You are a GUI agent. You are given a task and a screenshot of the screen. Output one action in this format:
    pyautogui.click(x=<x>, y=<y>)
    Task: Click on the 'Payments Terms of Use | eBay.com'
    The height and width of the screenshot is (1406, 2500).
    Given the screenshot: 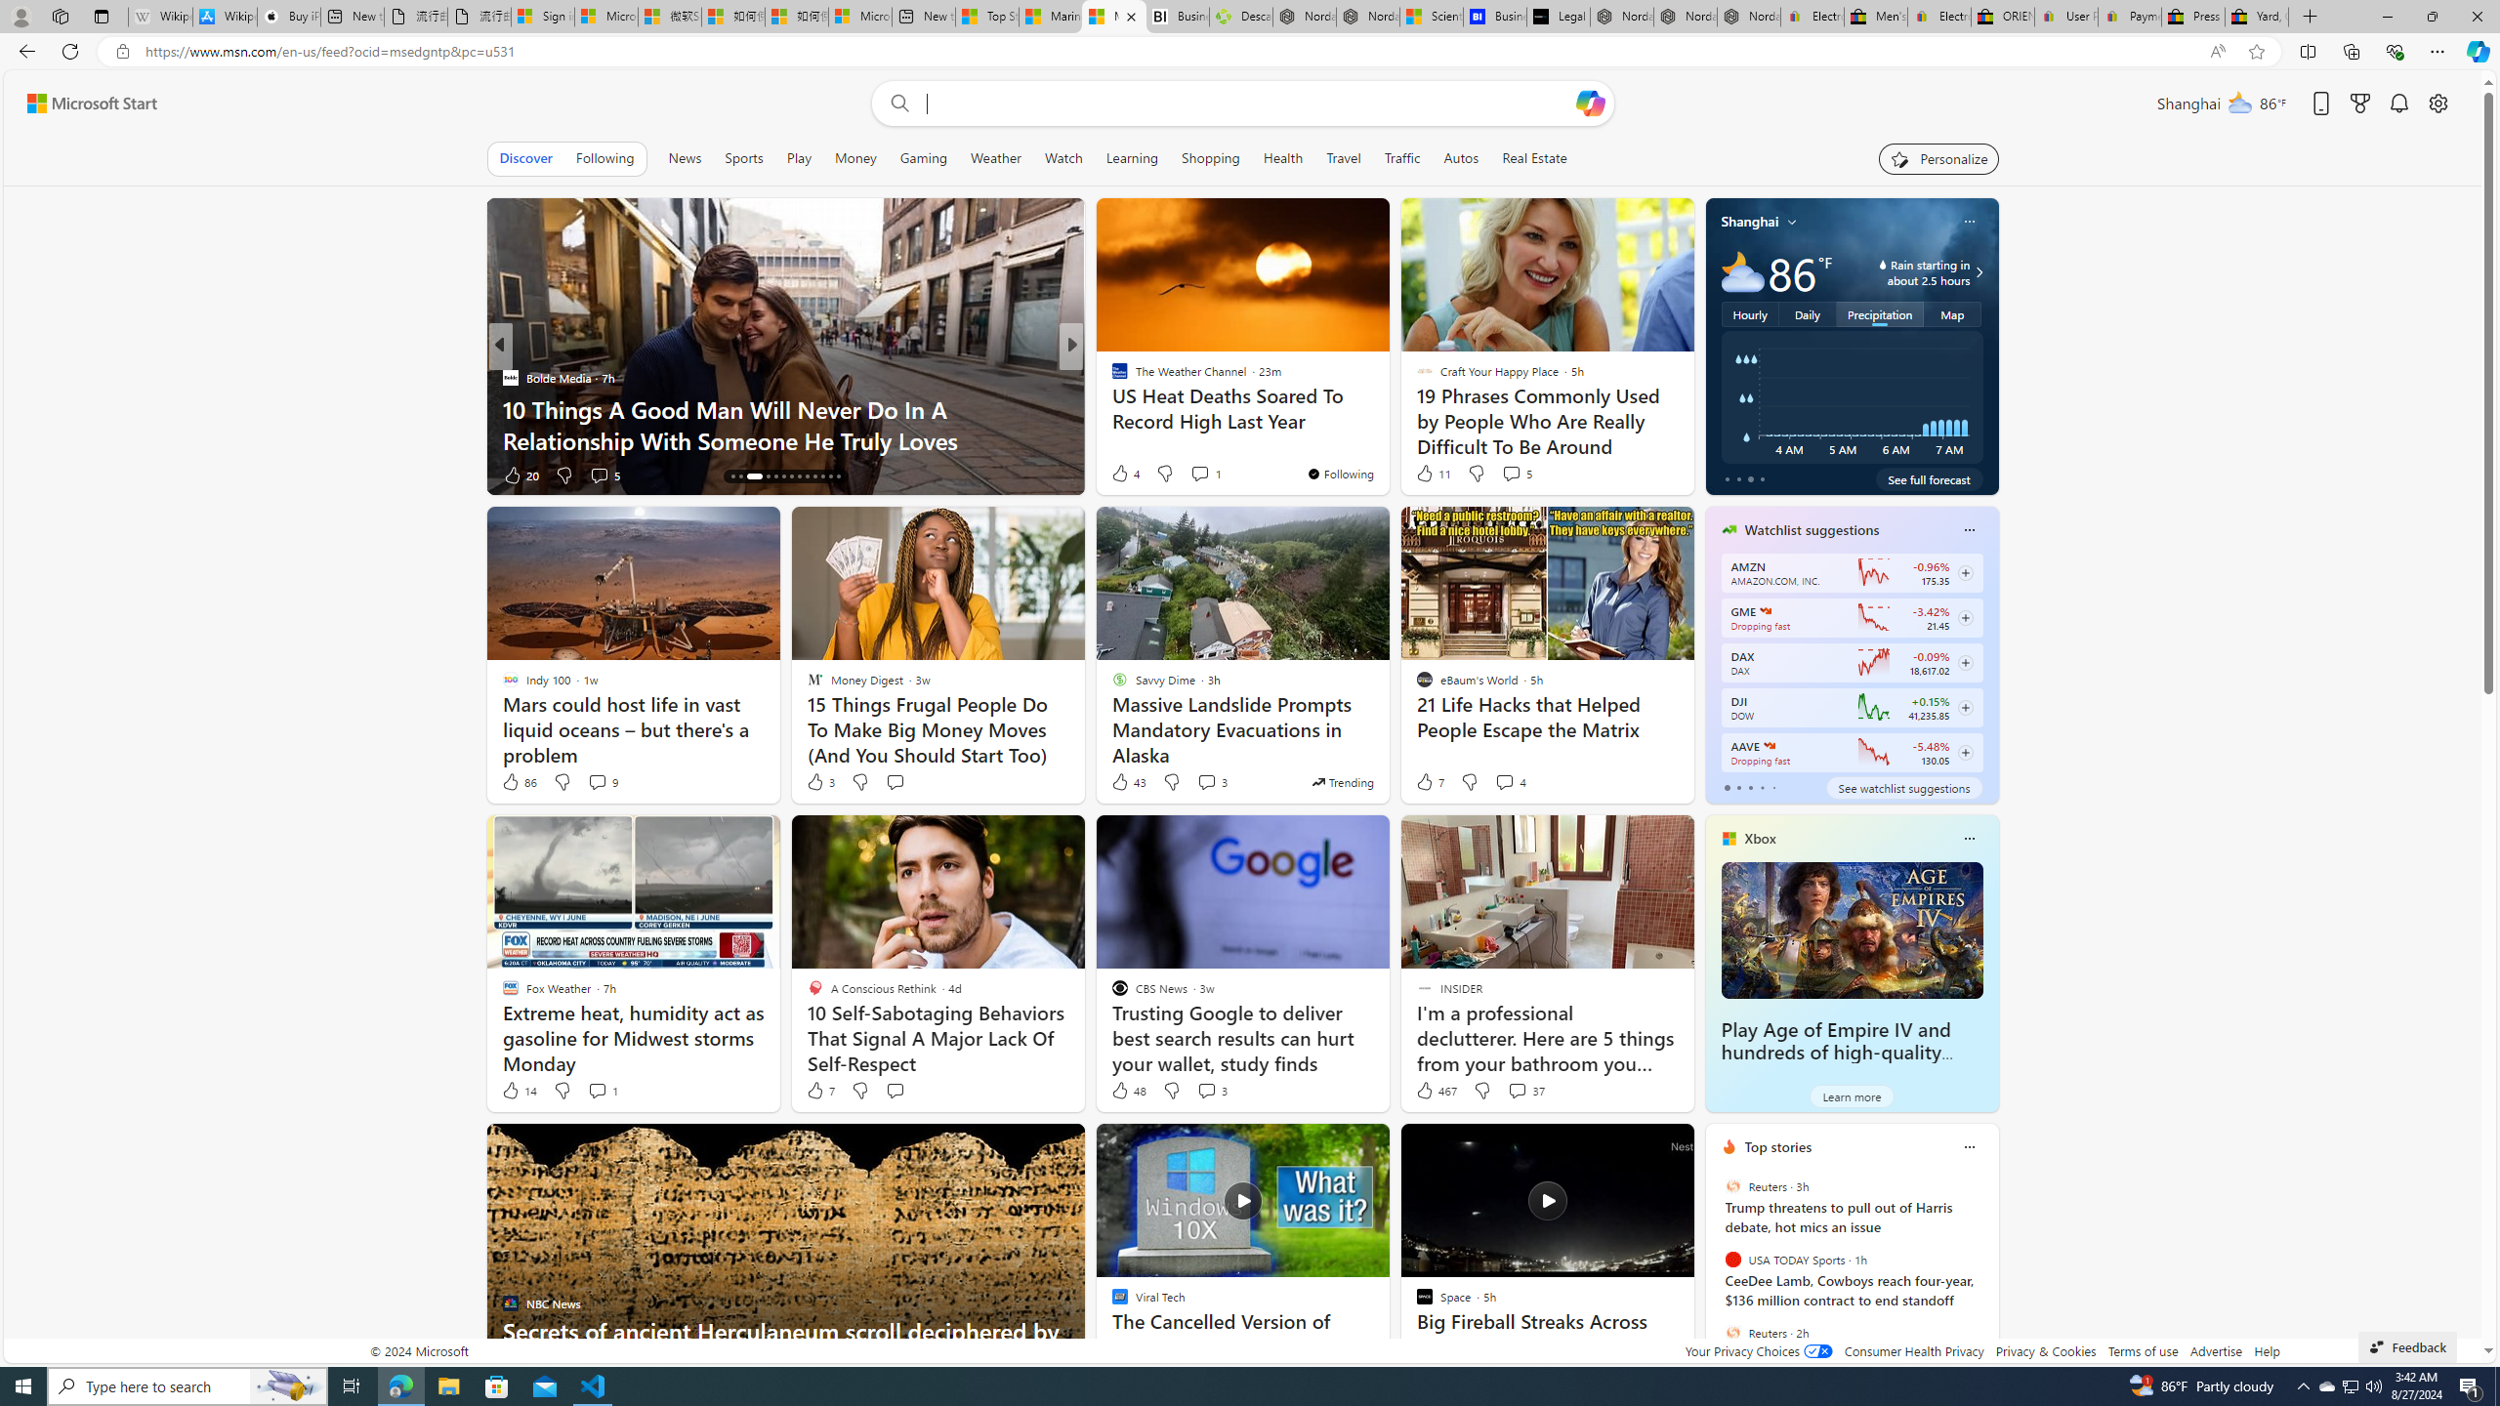 What is the action you would take?
    pyautogui.click(x=2129, y=16)
    